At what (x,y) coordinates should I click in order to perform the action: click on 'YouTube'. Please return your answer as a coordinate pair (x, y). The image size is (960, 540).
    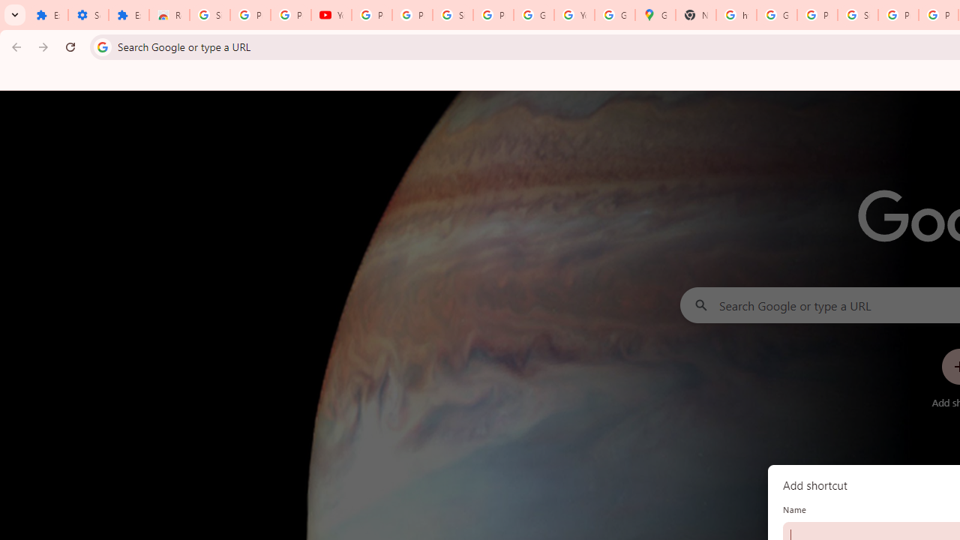
    Looking at the image, I should click on (330, 15).